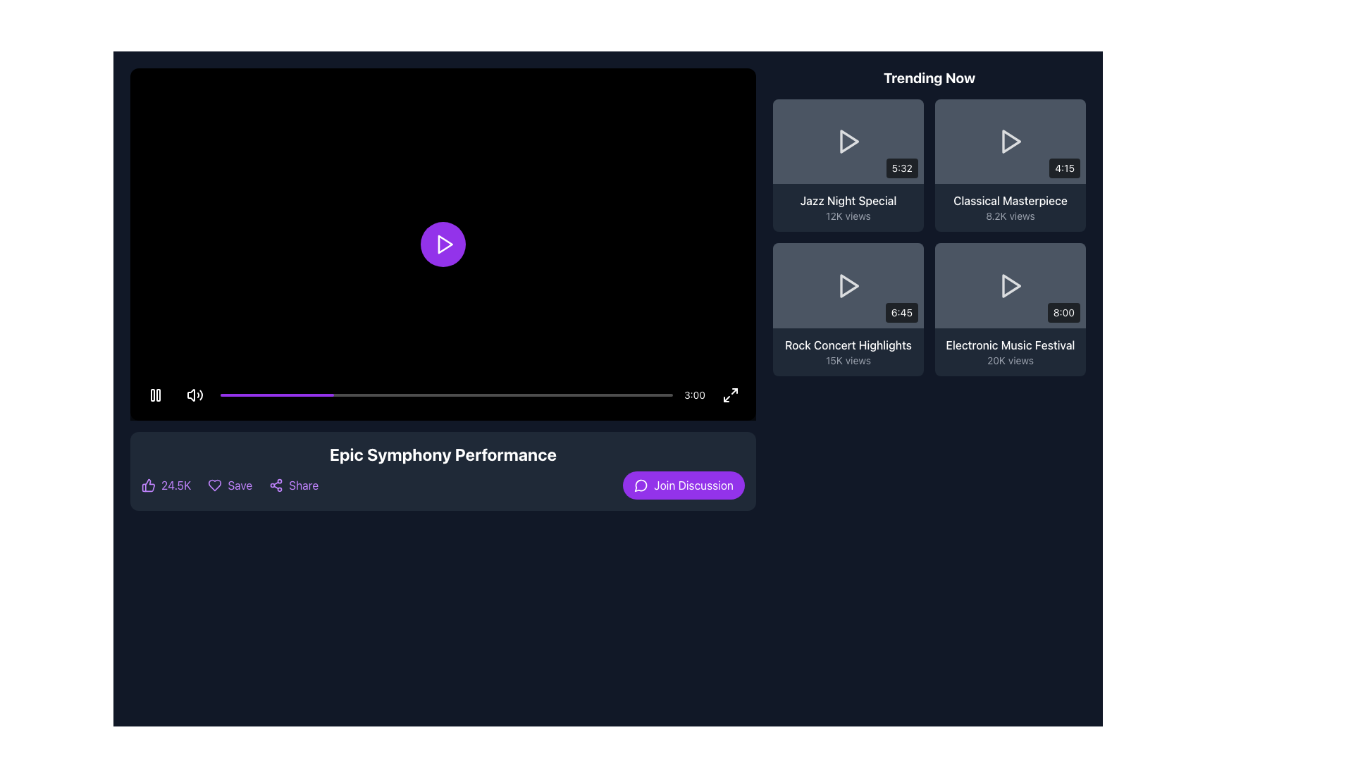  Describe the element at coordinates (175, 484) in the screenshot. I see `the informational Text element displaying the number of likes or approvals, which is located adjacent to the left of the 'Save' and 'Share' options at the bottom-left corner of the interaction options bar` at that location.